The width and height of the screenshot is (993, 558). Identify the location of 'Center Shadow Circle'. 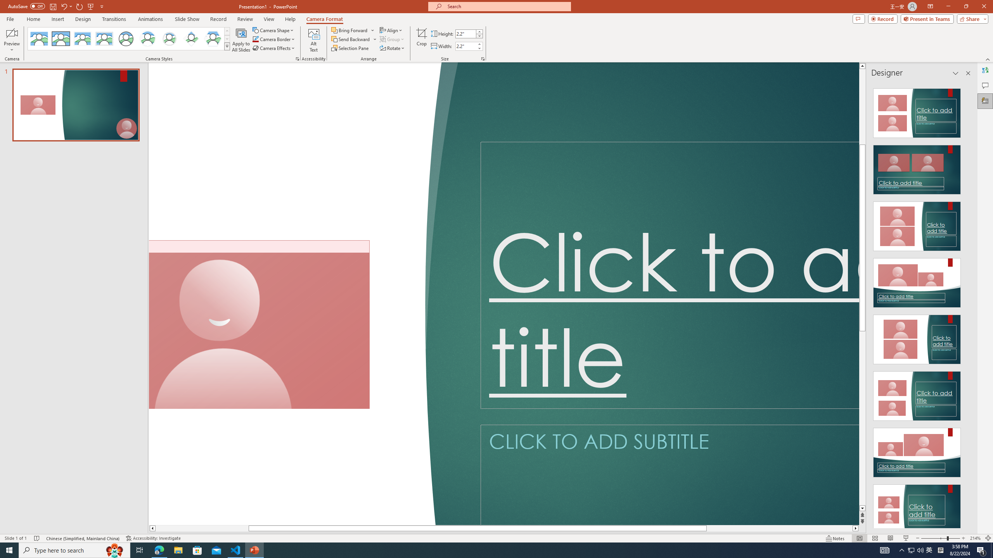
(147, 38).